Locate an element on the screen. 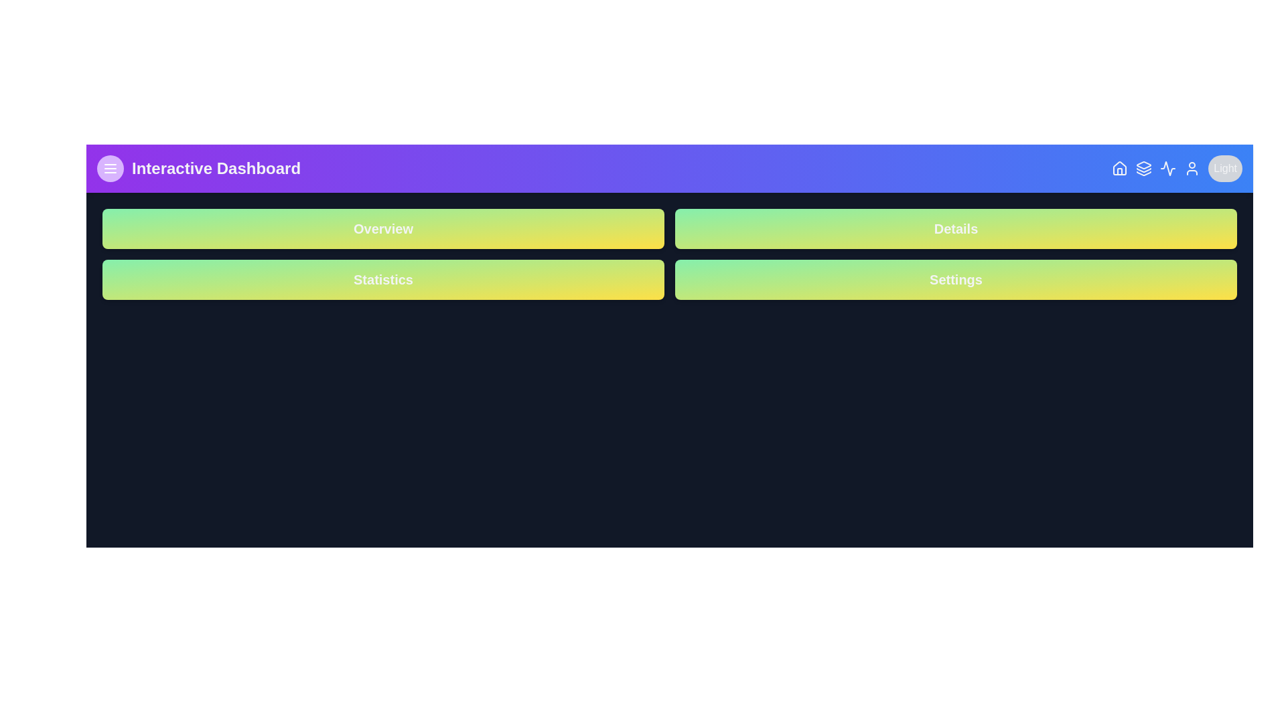 Image resolution: width=1286 pixels, height=723 pixels. the Layers icon in the header is located at coordinates (1143, 167).